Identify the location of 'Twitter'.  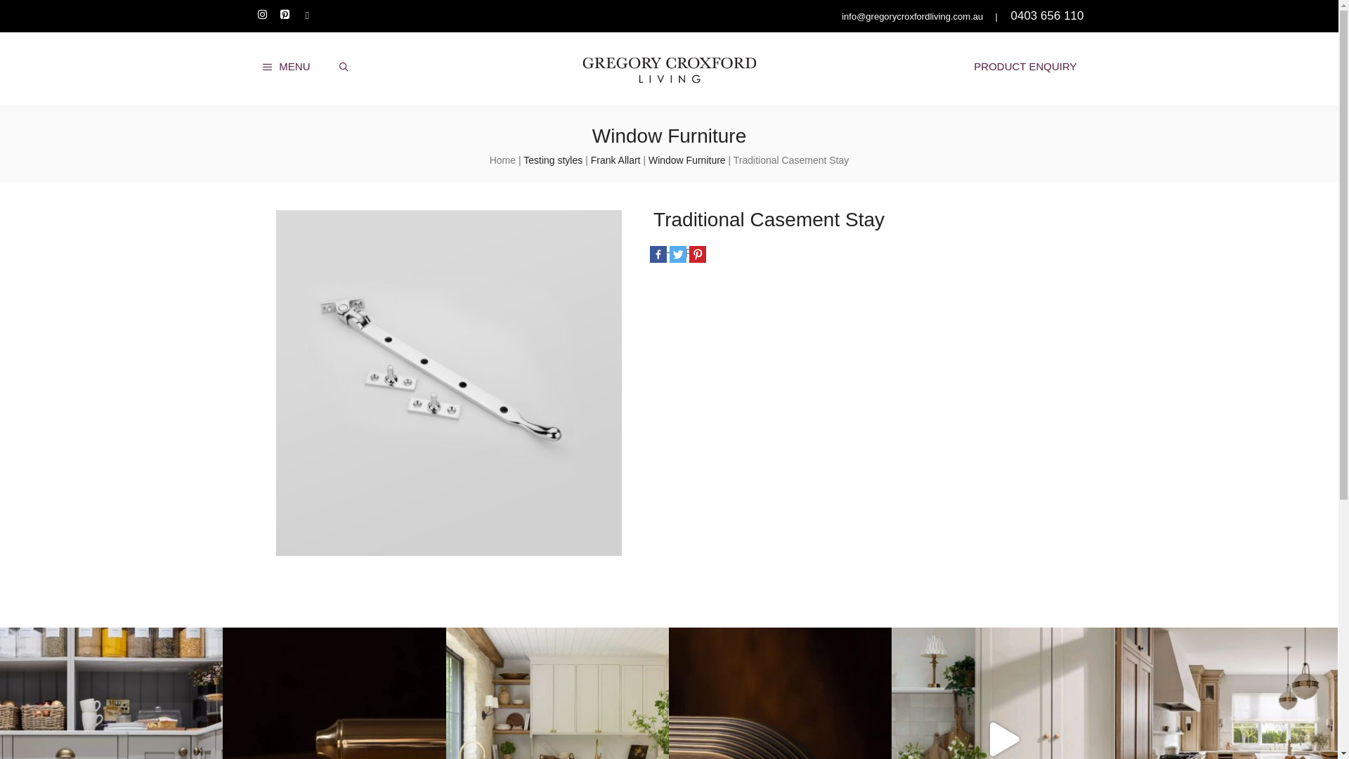
(677, 254).